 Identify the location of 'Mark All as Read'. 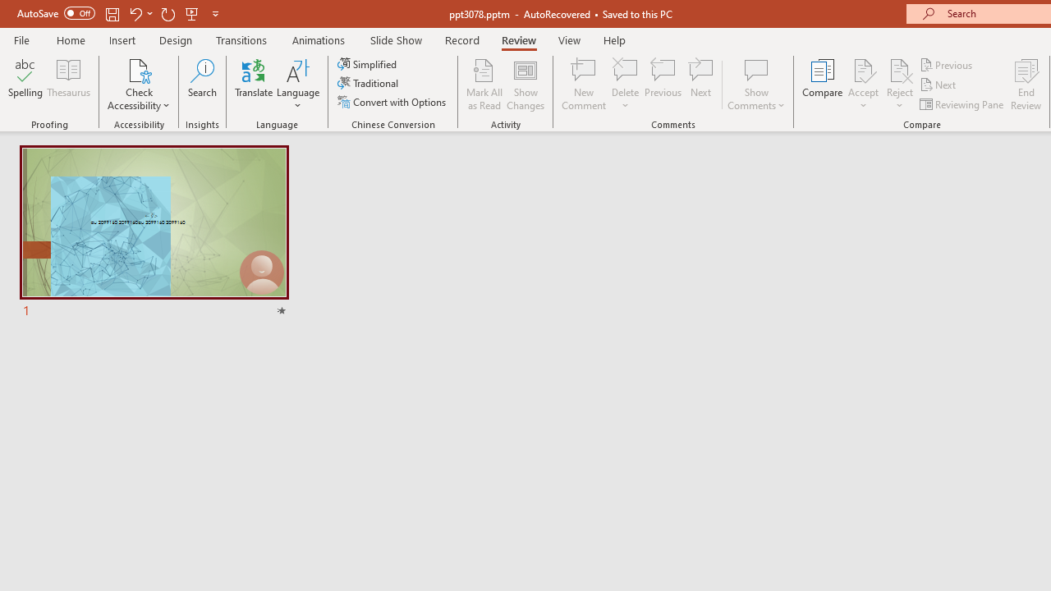
(484, 85).